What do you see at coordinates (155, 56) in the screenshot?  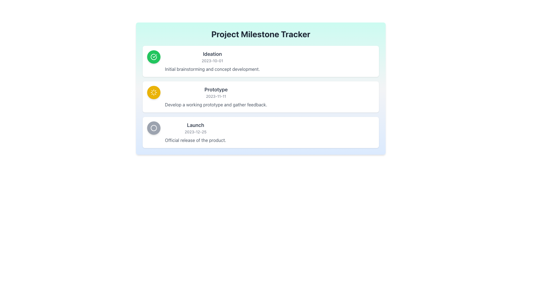 I see `the checkmark icon indicating completion status within the circular SVG icon in the top-left section of the 'Ideation' milestone card` at bounding box center [155, 56].